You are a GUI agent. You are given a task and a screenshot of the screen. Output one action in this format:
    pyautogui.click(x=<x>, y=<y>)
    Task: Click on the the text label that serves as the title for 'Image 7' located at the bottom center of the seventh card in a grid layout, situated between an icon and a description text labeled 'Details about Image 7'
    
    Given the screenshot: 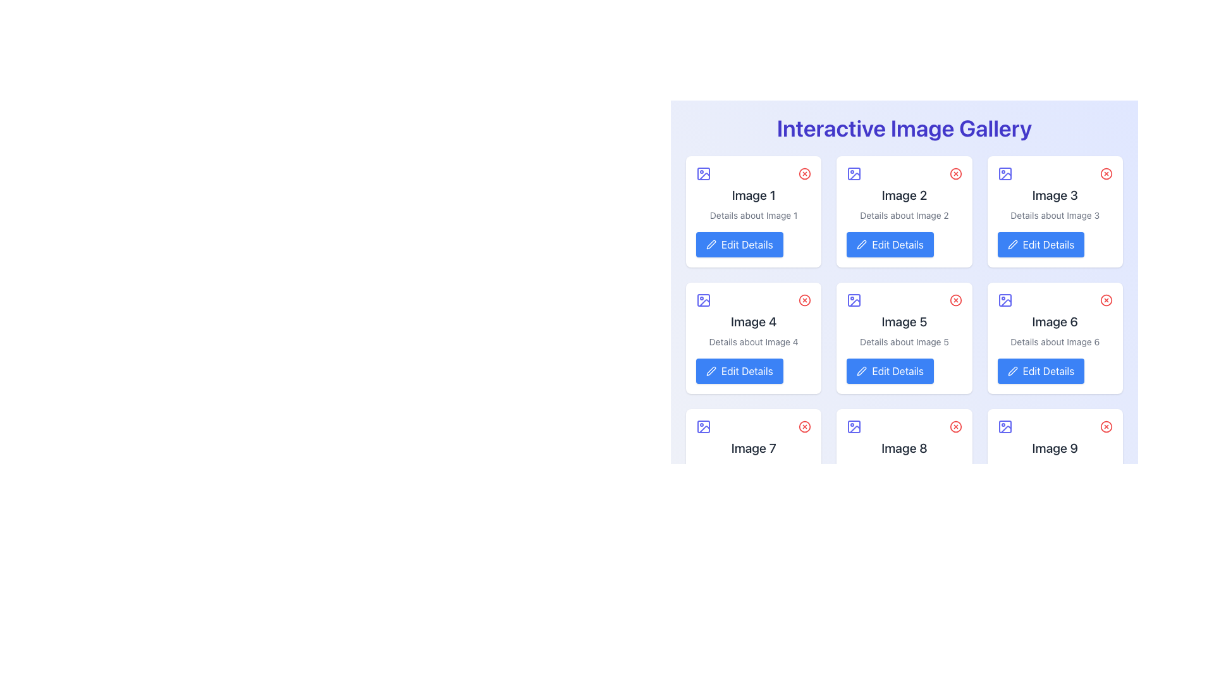 What is the action you would take?
    pyautogui.click(x=754, y=448)
    